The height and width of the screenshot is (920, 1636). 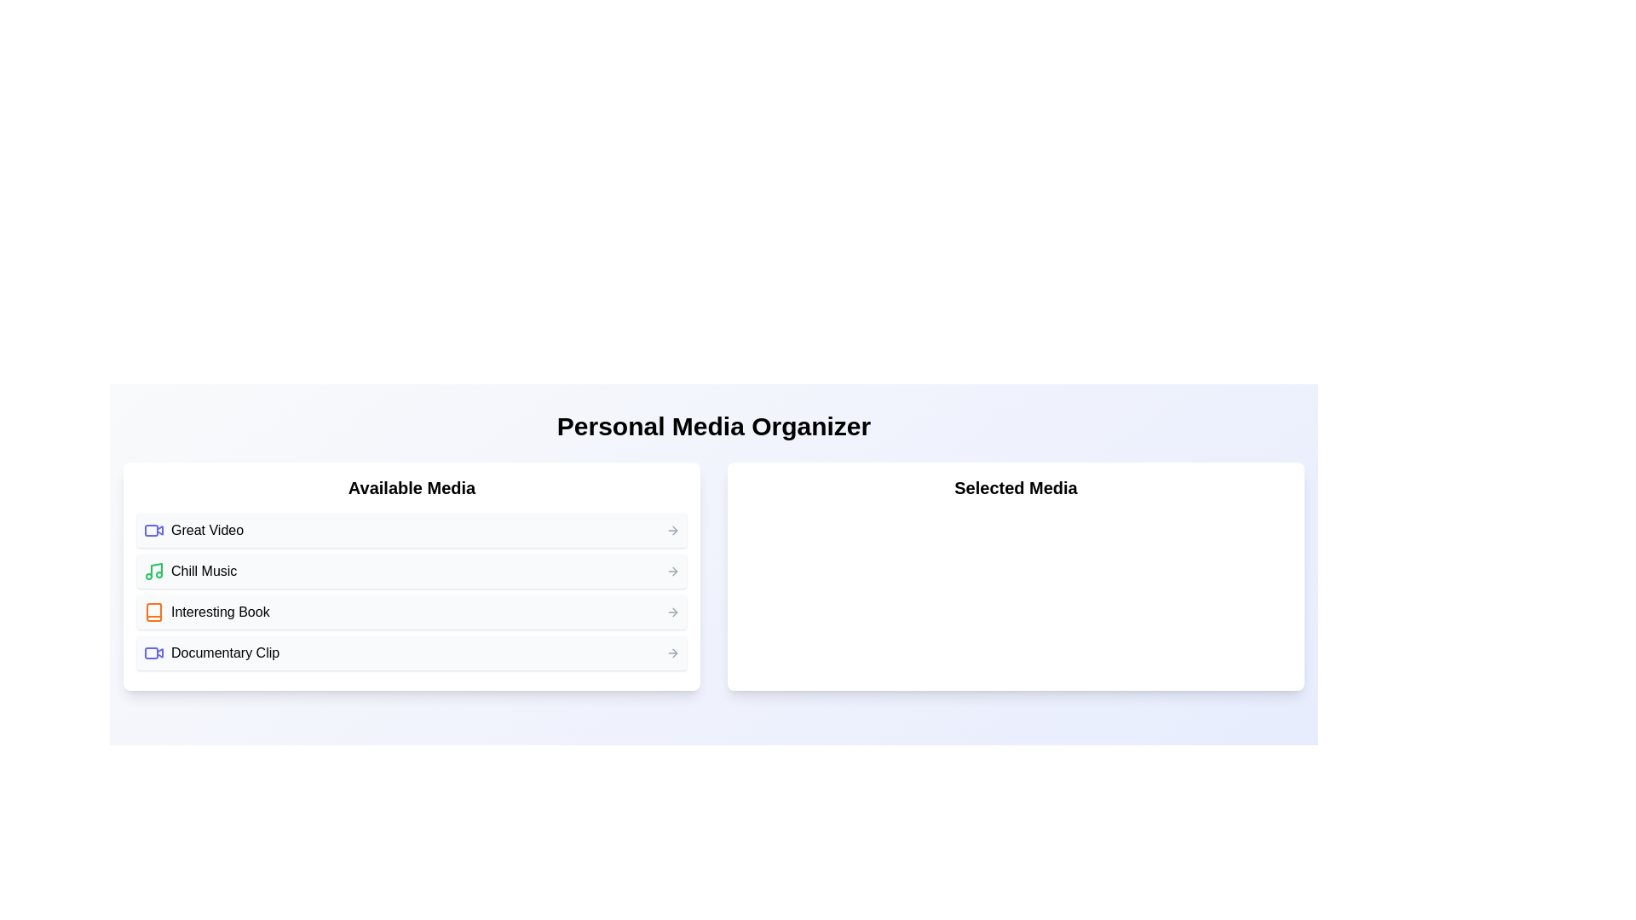 I want to click on the decorative part of the music icon related to the 'Chill Music' list item, so click(x=156, y=570).